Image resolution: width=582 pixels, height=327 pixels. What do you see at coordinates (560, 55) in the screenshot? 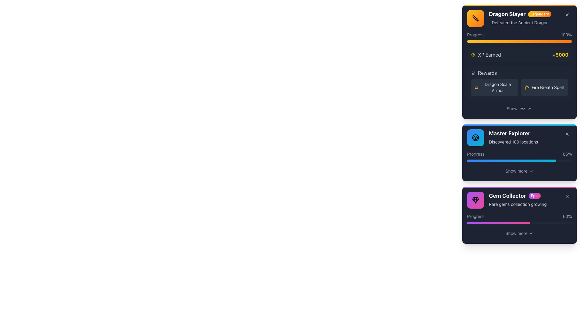
I see `the Label element displaying the text '+5000' in bold yellow font, which is located in the top-right section next to 'XP Earned'` at bounding box center [560, 55].